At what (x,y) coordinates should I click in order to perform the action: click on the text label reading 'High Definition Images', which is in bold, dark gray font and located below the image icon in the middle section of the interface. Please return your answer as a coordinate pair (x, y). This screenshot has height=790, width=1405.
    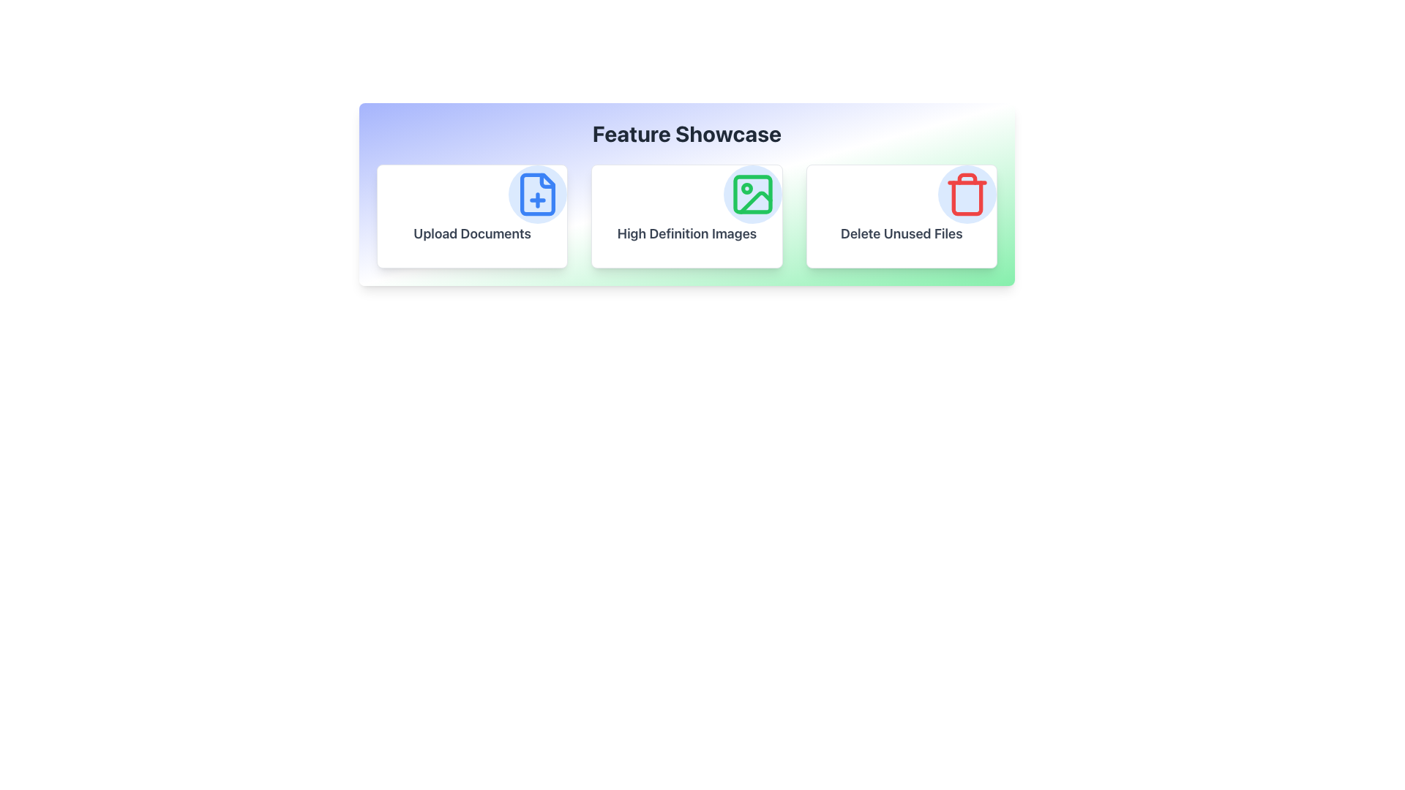
    Looking at the image, I should click on (686, 233).